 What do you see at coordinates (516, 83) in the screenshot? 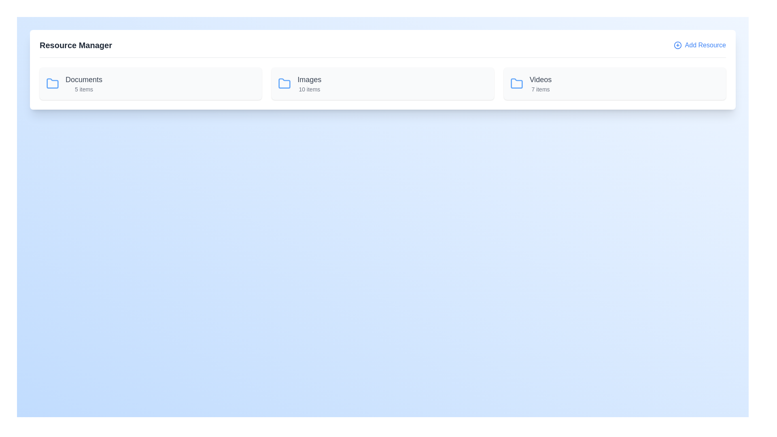
I see `the folder-shaped icon with a blue outline and white background located in the rightmost panel labeled 'Videos'` at bounding box center [516, 83].